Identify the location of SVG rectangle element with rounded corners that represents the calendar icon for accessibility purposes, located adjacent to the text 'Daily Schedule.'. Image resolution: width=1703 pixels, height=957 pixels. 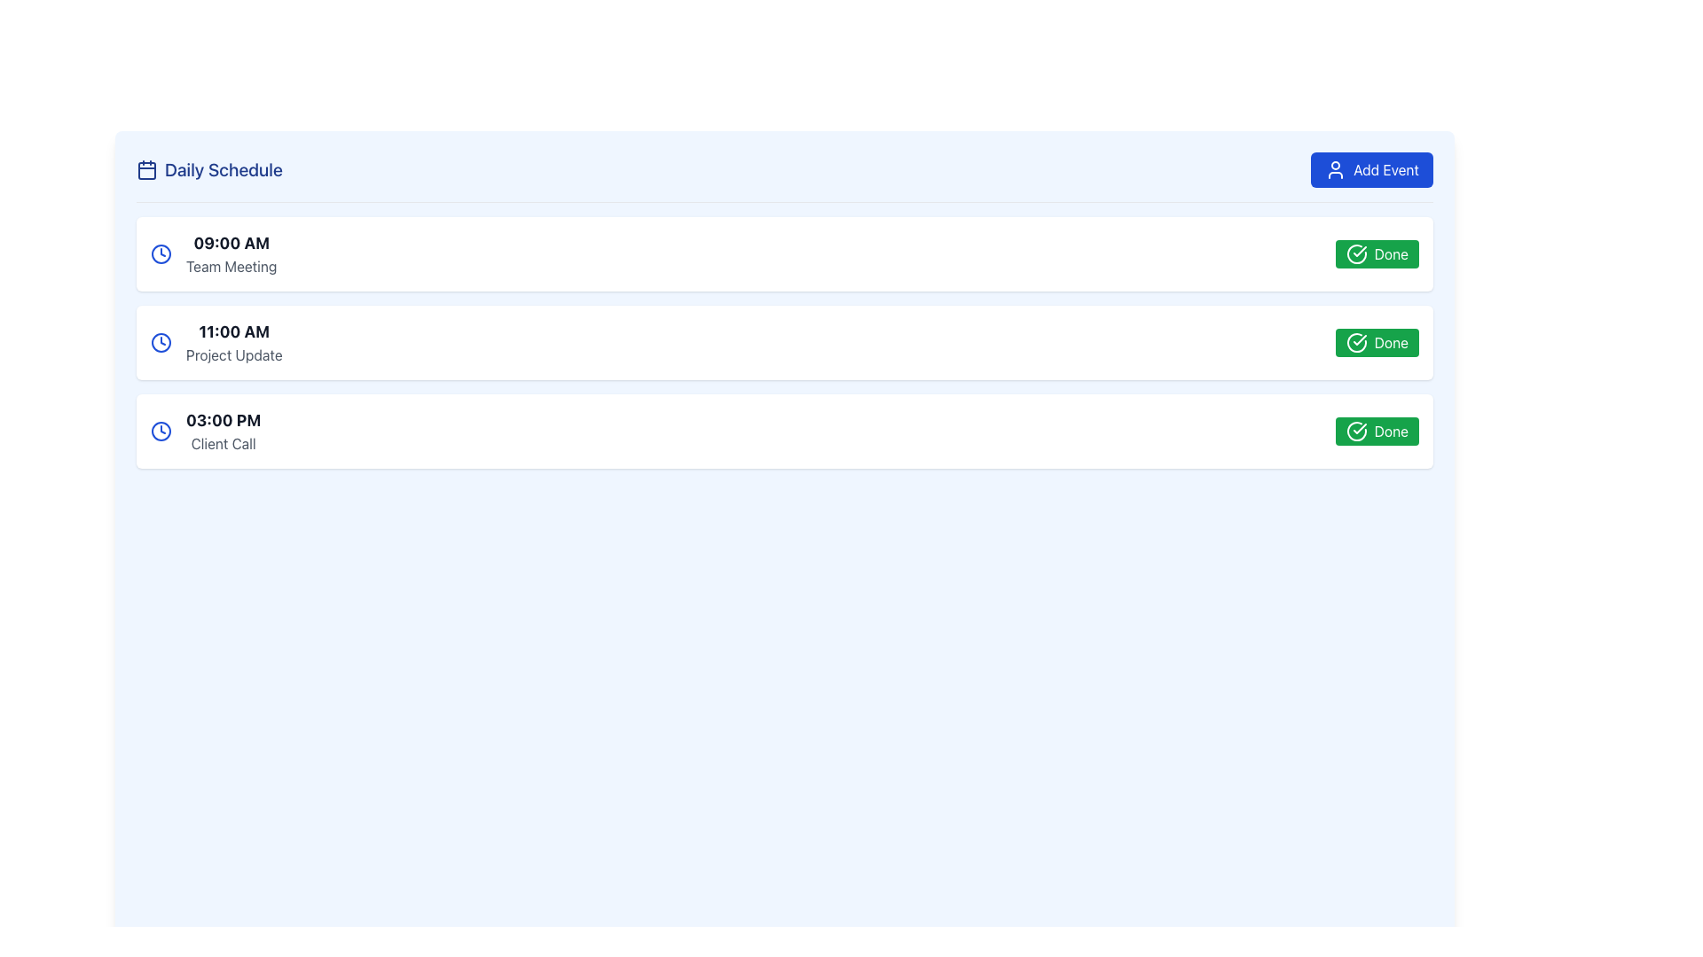
(147, 170).